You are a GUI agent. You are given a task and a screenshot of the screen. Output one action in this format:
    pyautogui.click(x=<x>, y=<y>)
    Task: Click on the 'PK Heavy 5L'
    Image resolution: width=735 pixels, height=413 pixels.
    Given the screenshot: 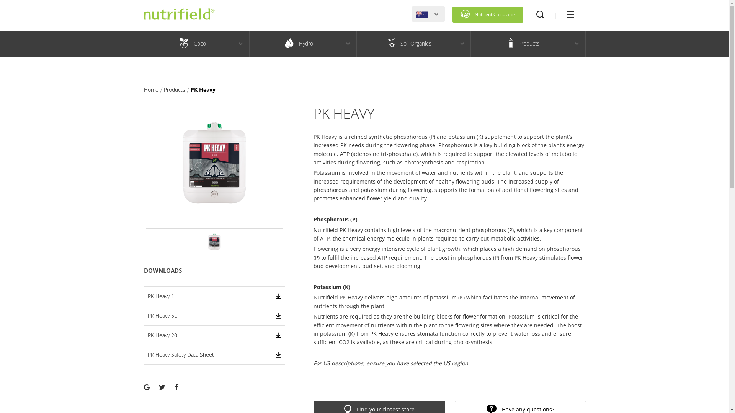 What is the action you would take?
    pyautogui.click(x=214, y=315)
    